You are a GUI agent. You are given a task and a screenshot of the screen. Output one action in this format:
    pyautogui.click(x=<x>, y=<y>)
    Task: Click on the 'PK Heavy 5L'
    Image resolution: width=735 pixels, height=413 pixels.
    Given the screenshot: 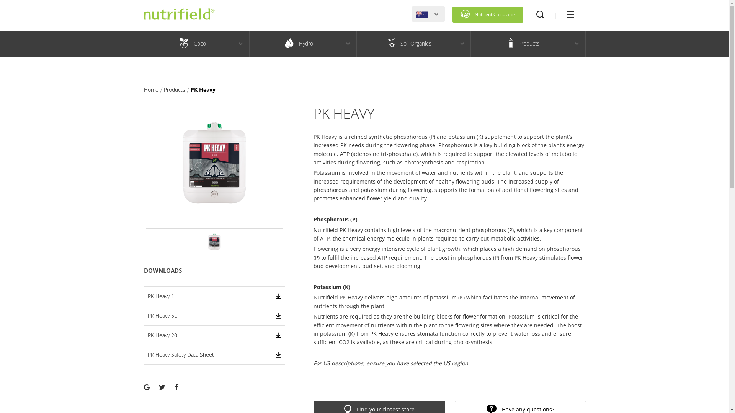 What is the action you would take?
    pyautogui.click(x=214, y=315)
    